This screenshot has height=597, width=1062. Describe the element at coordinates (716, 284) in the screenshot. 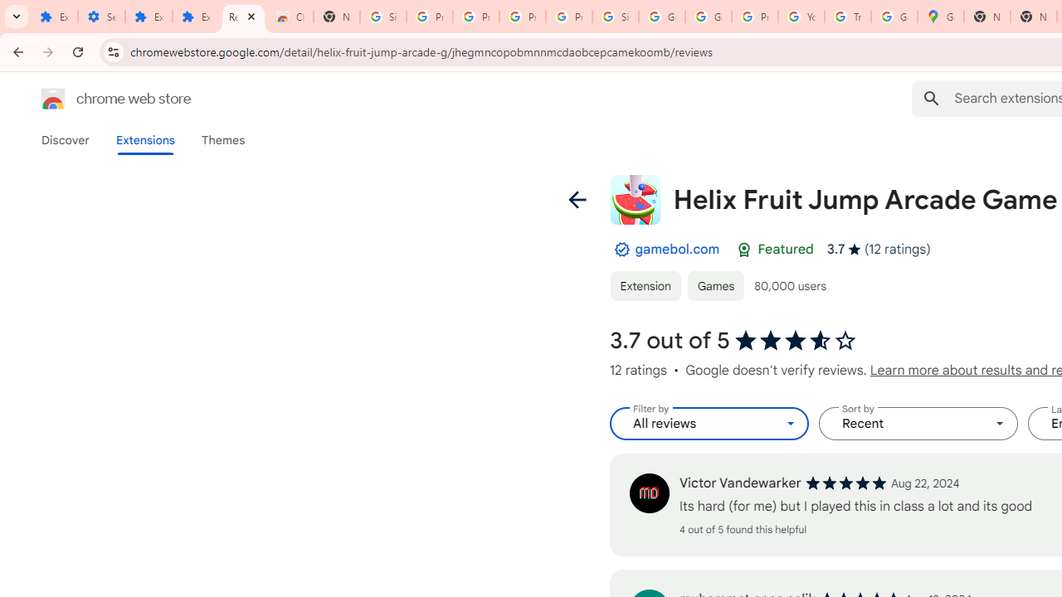

I see `'Games'` at that location.